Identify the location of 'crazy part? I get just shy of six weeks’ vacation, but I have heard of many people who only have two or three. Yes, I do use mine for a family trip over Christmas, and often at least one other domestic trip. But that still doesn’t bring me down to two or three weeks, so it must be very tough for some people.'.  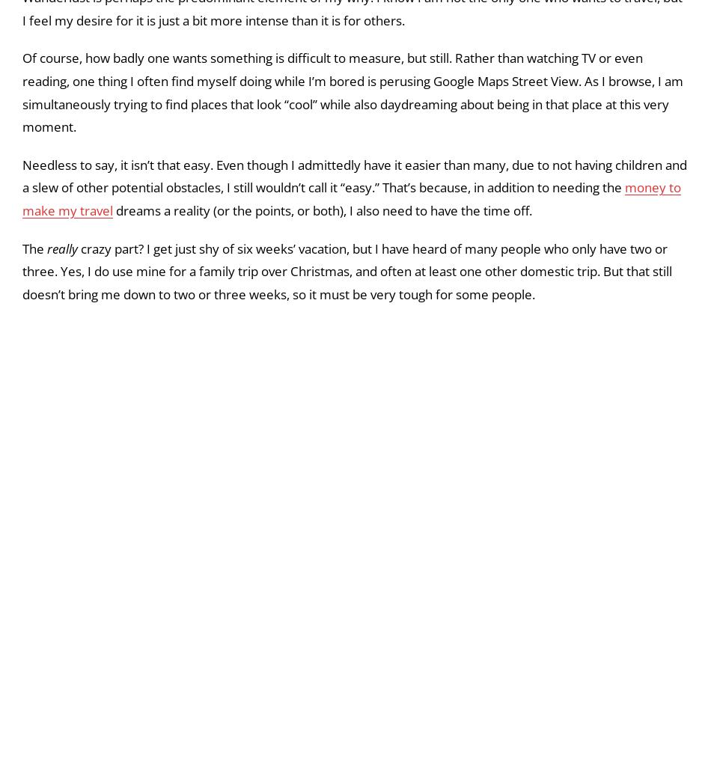
(346, 438).